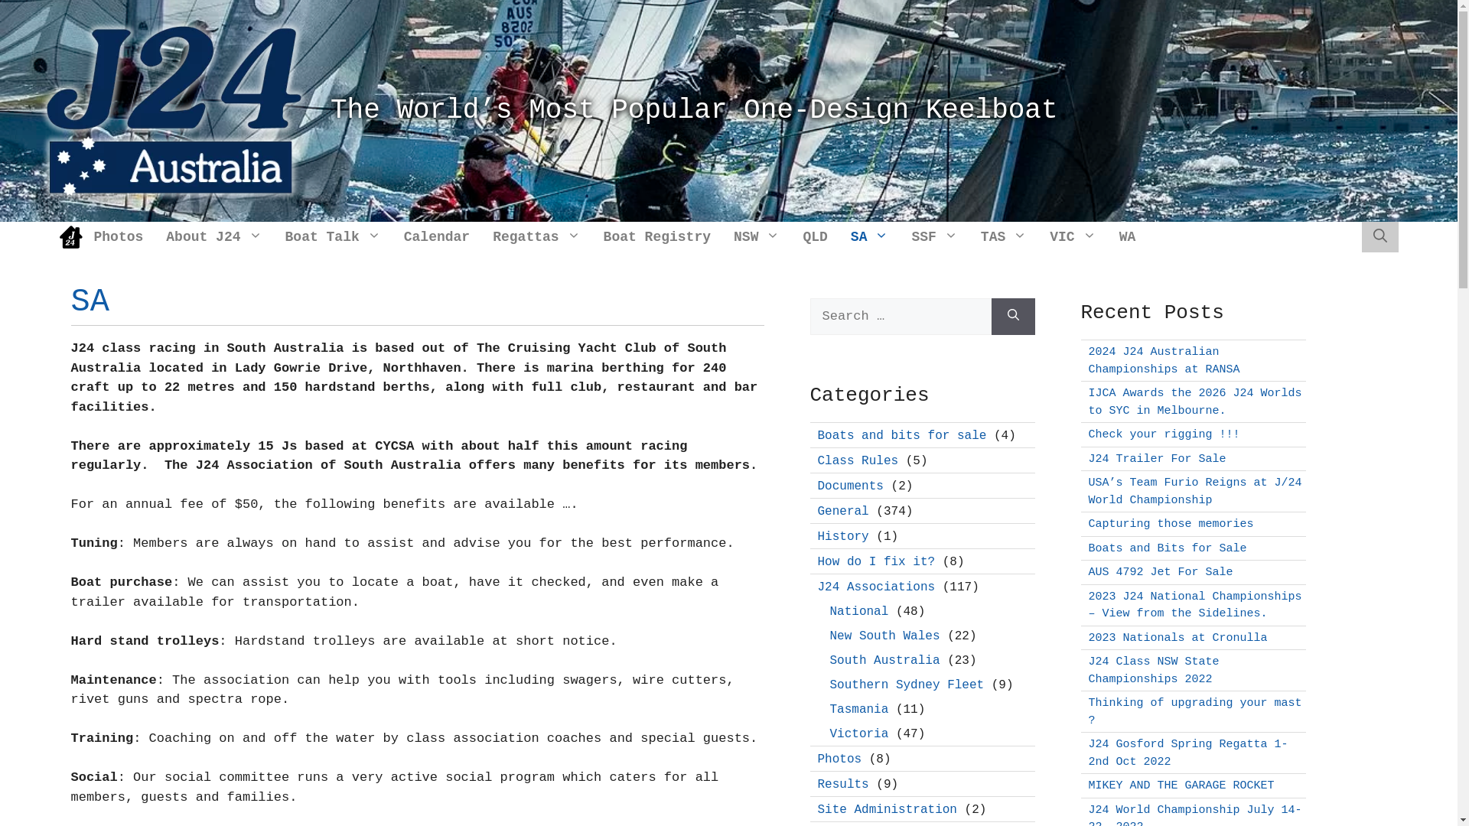 This screenshot has height=826, width=1469. I want to click on '2024 J24 Australian Championships at RANSA', so click(1086, 360).